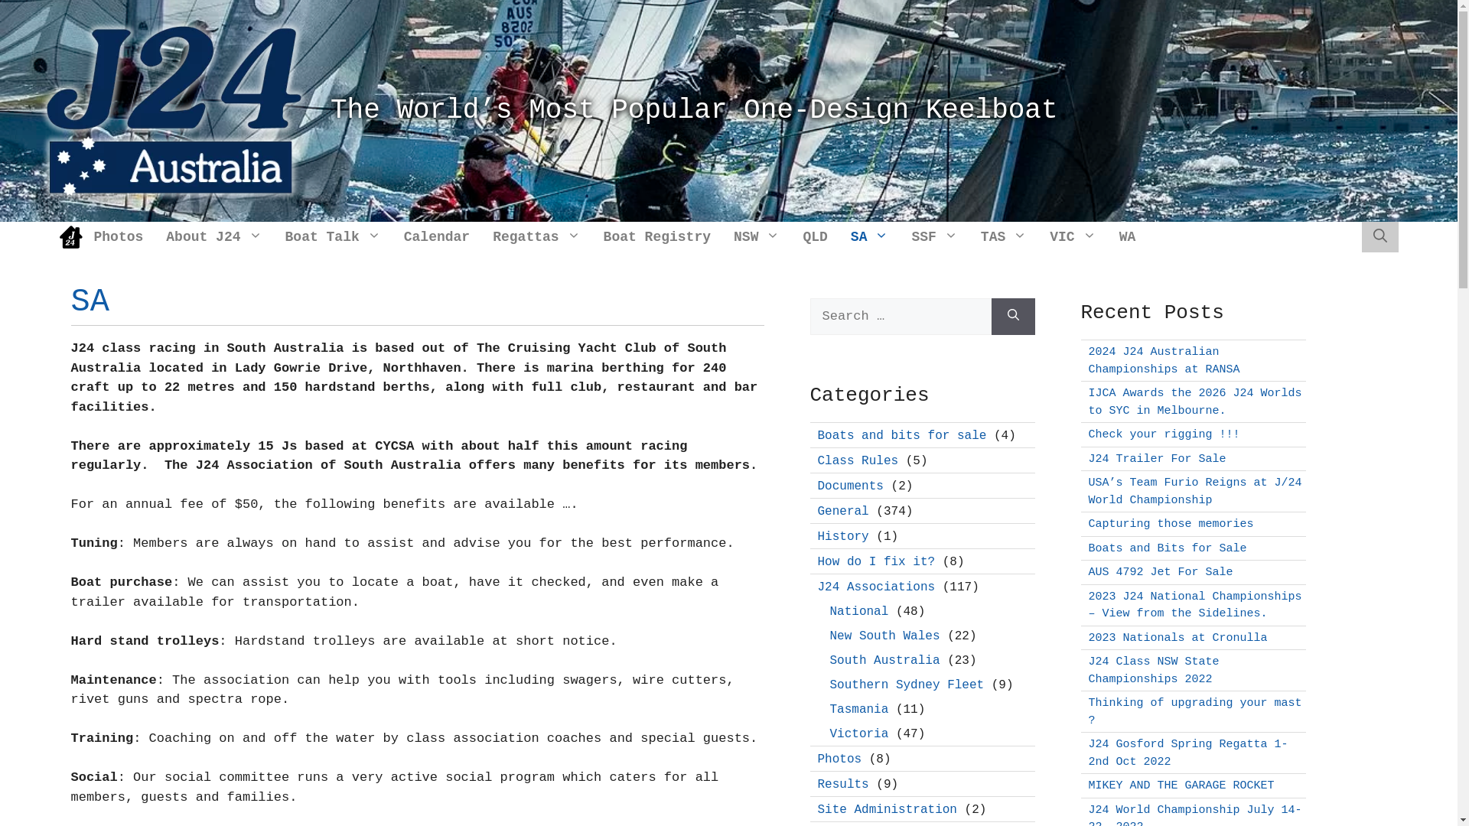 This screenshot has height=826, width=1469. I want to click on '2024 J24 Australian Championships at RANSA', so click(1086, 360).